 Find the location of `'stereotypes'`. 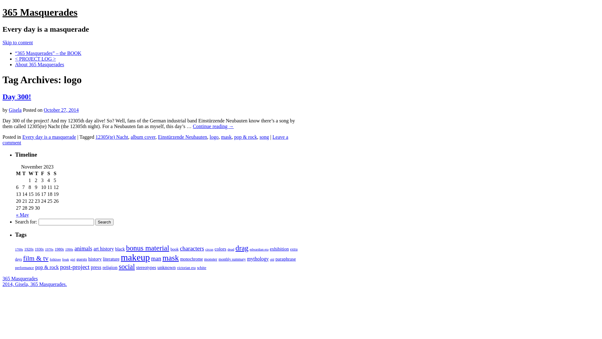

'stereotypes' is located at coordinates (145, 267).